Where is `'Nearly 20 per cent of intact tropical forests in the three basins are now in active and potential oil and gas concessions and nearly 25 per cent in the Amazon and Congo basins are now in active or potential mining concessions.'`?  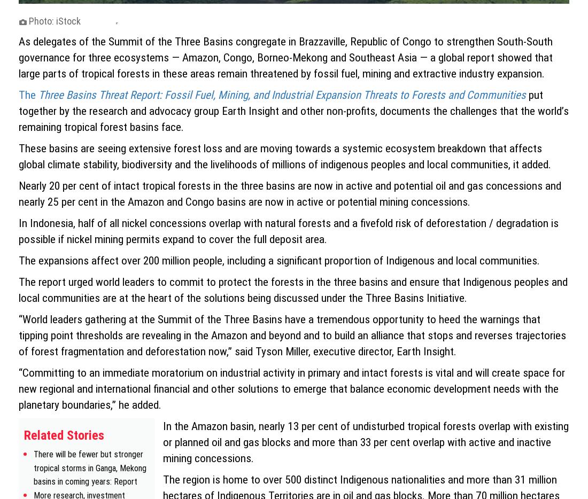
'Nearly 20 per cent of intact tropical forests in the three basins are now in active and potential oil and gas concessions and nearly 25 per cent in the Amazon and Congo basins are now in active or potential mining concessions.' is located at coordinates (290, 193).